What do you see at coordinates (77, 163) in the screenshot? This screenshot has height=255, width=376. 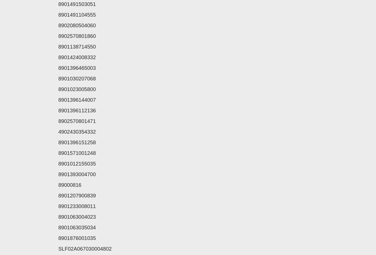 I see `'8901012155035'` at bounding box center [77, 163].